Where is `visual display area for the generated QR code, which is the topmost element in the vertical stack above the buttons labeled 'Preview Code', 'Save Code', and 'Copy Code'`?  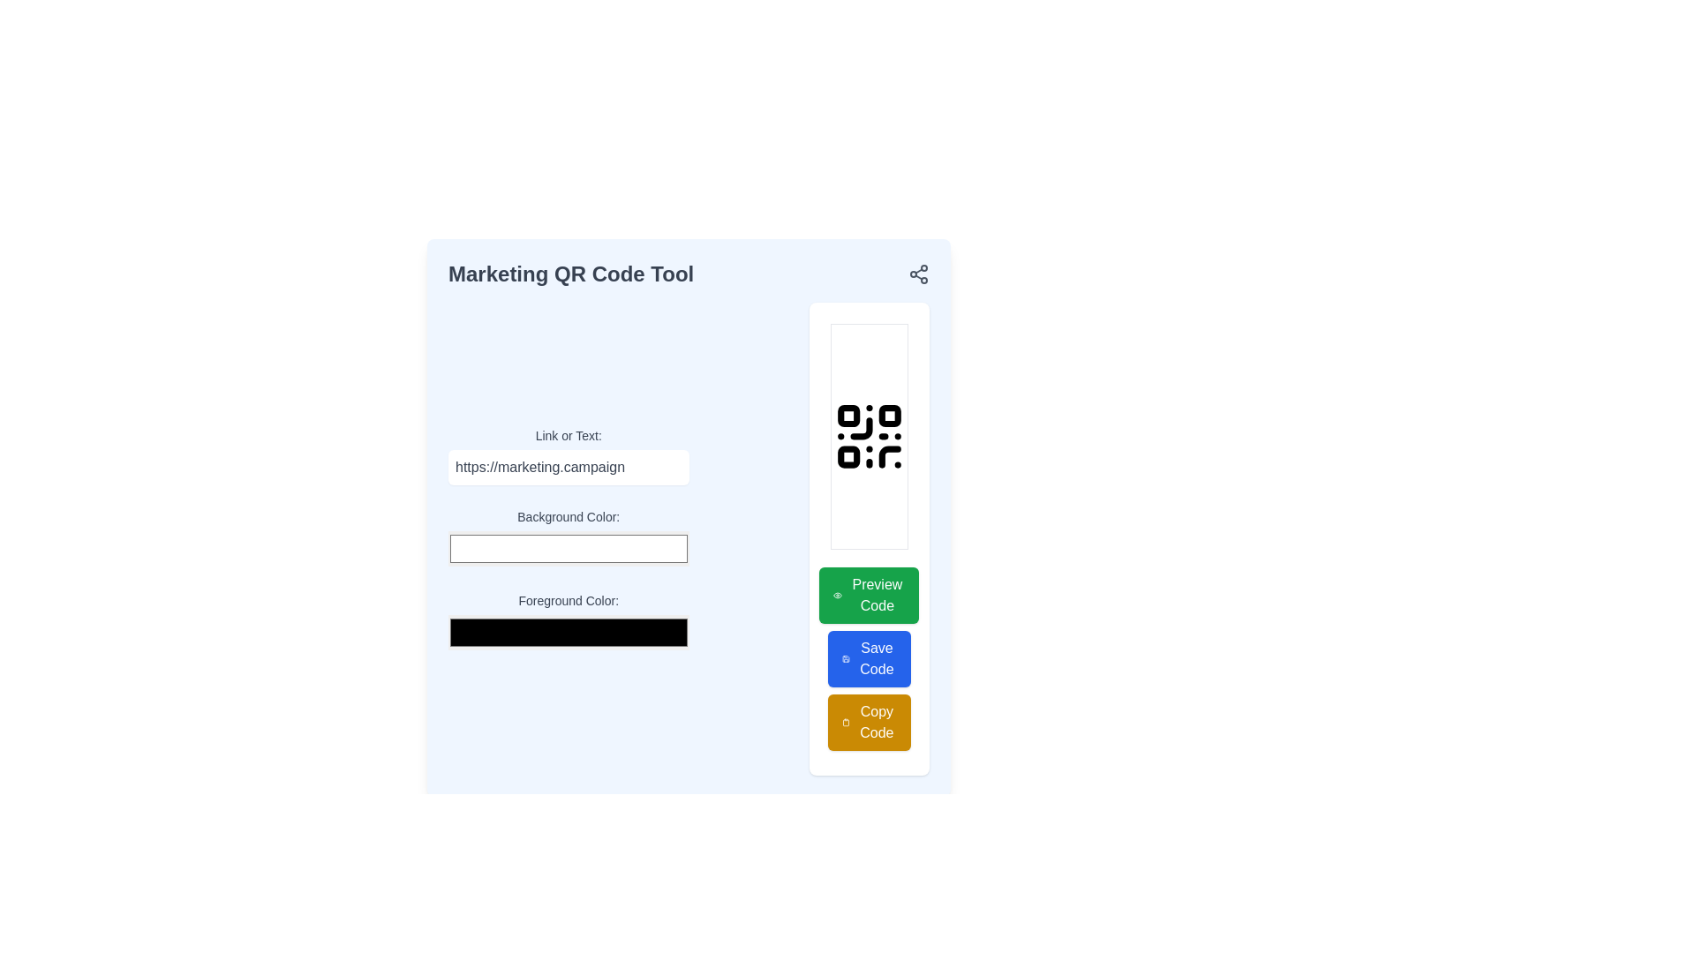
visual display area for the generated QR code, which is the topmost element in the vertical stack above the buttons labeled 'Preview Code', 'Save Code', and 'Copy Code' is located at coordinates (869, 436).